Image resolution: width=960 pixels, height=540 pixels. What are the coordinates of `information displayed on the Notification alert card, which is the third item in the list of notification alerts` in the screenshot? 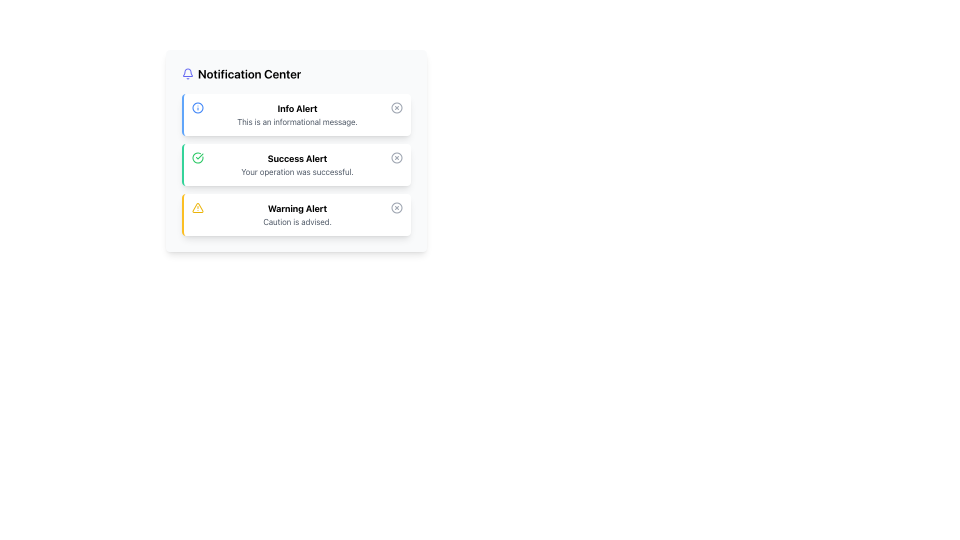 It's located at (296, 214).